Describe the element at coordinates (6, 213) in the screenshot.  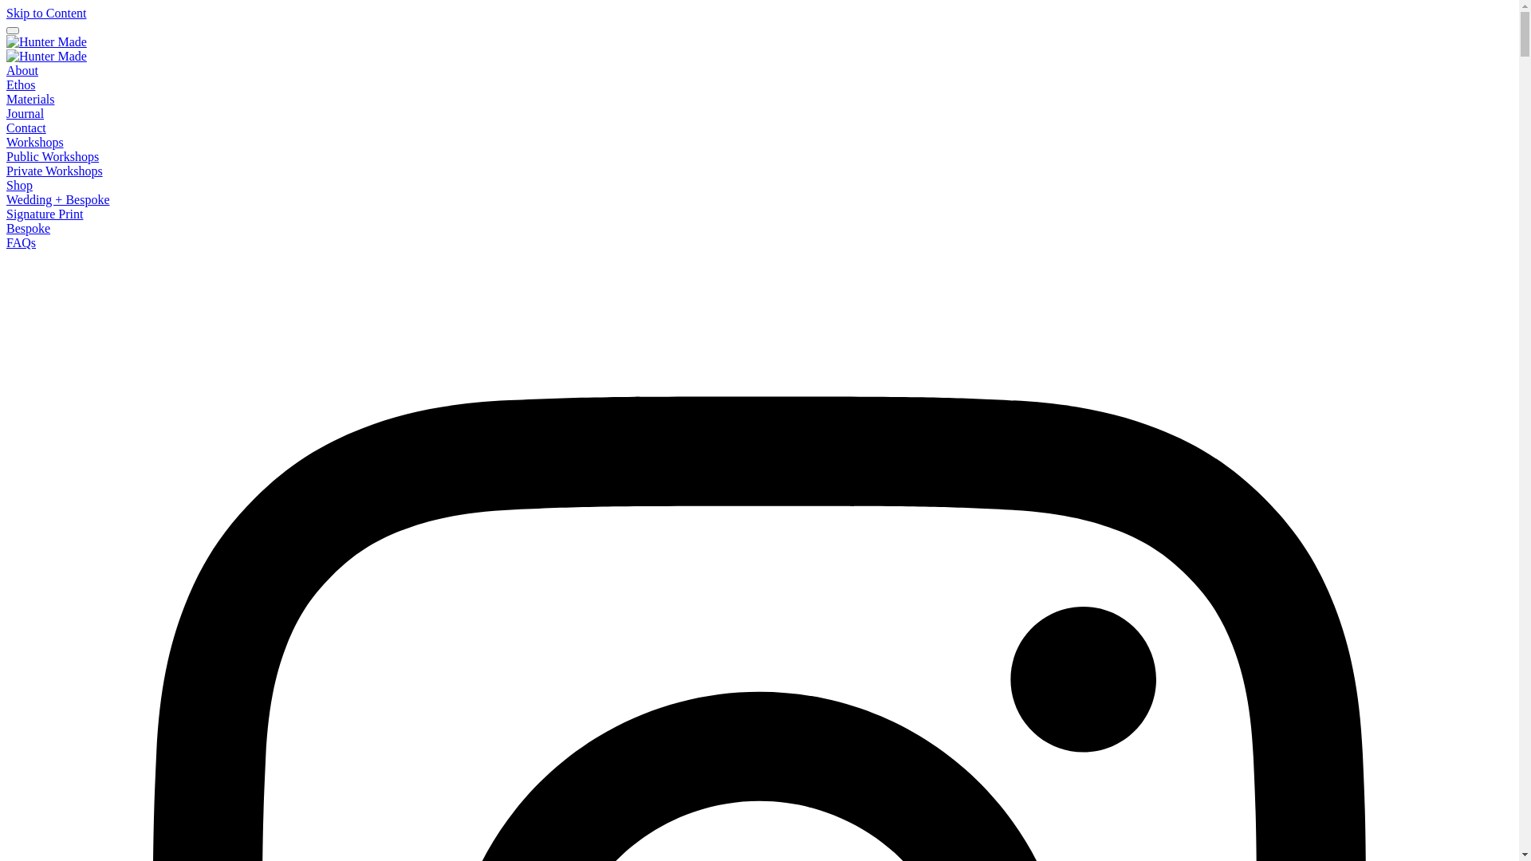
I see `'Signature Print'` at that location.